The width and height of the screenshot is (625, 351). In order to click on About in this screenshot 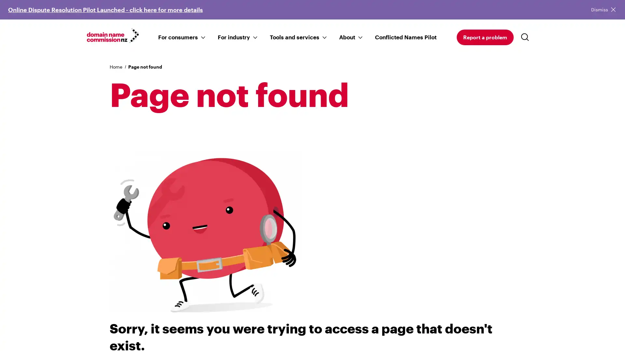, I will do `click(346, 36)`.